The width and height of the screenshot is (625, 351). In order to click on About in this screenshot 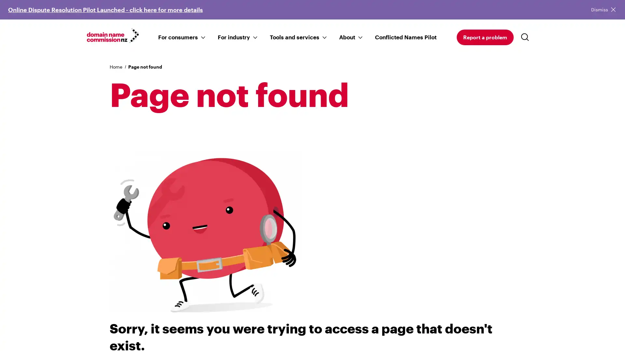, I will do `click(346, 36)`.